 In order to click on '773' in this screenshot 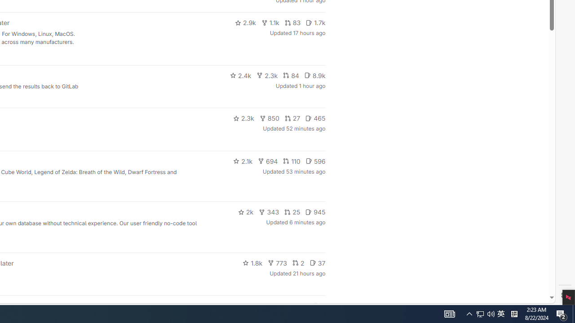, I will do `click(277, 262)`.